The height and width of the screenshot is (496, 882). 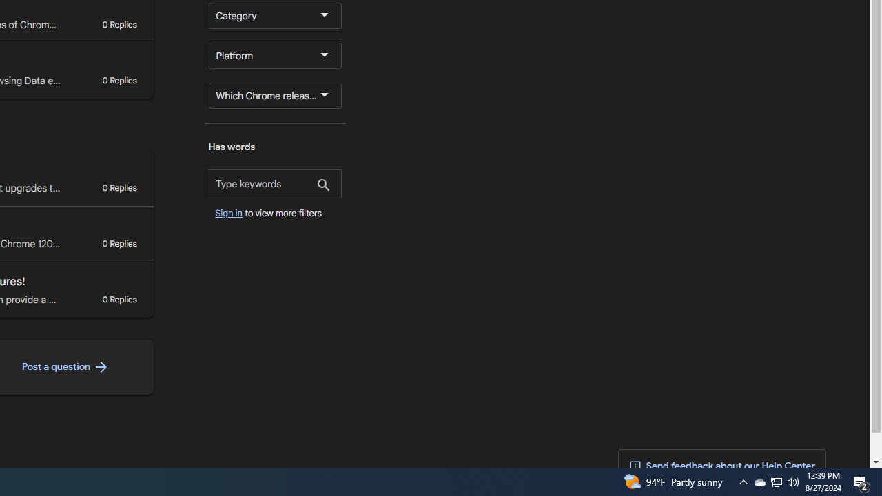 I want to click on 'Platform', so click(x=275, y=55).